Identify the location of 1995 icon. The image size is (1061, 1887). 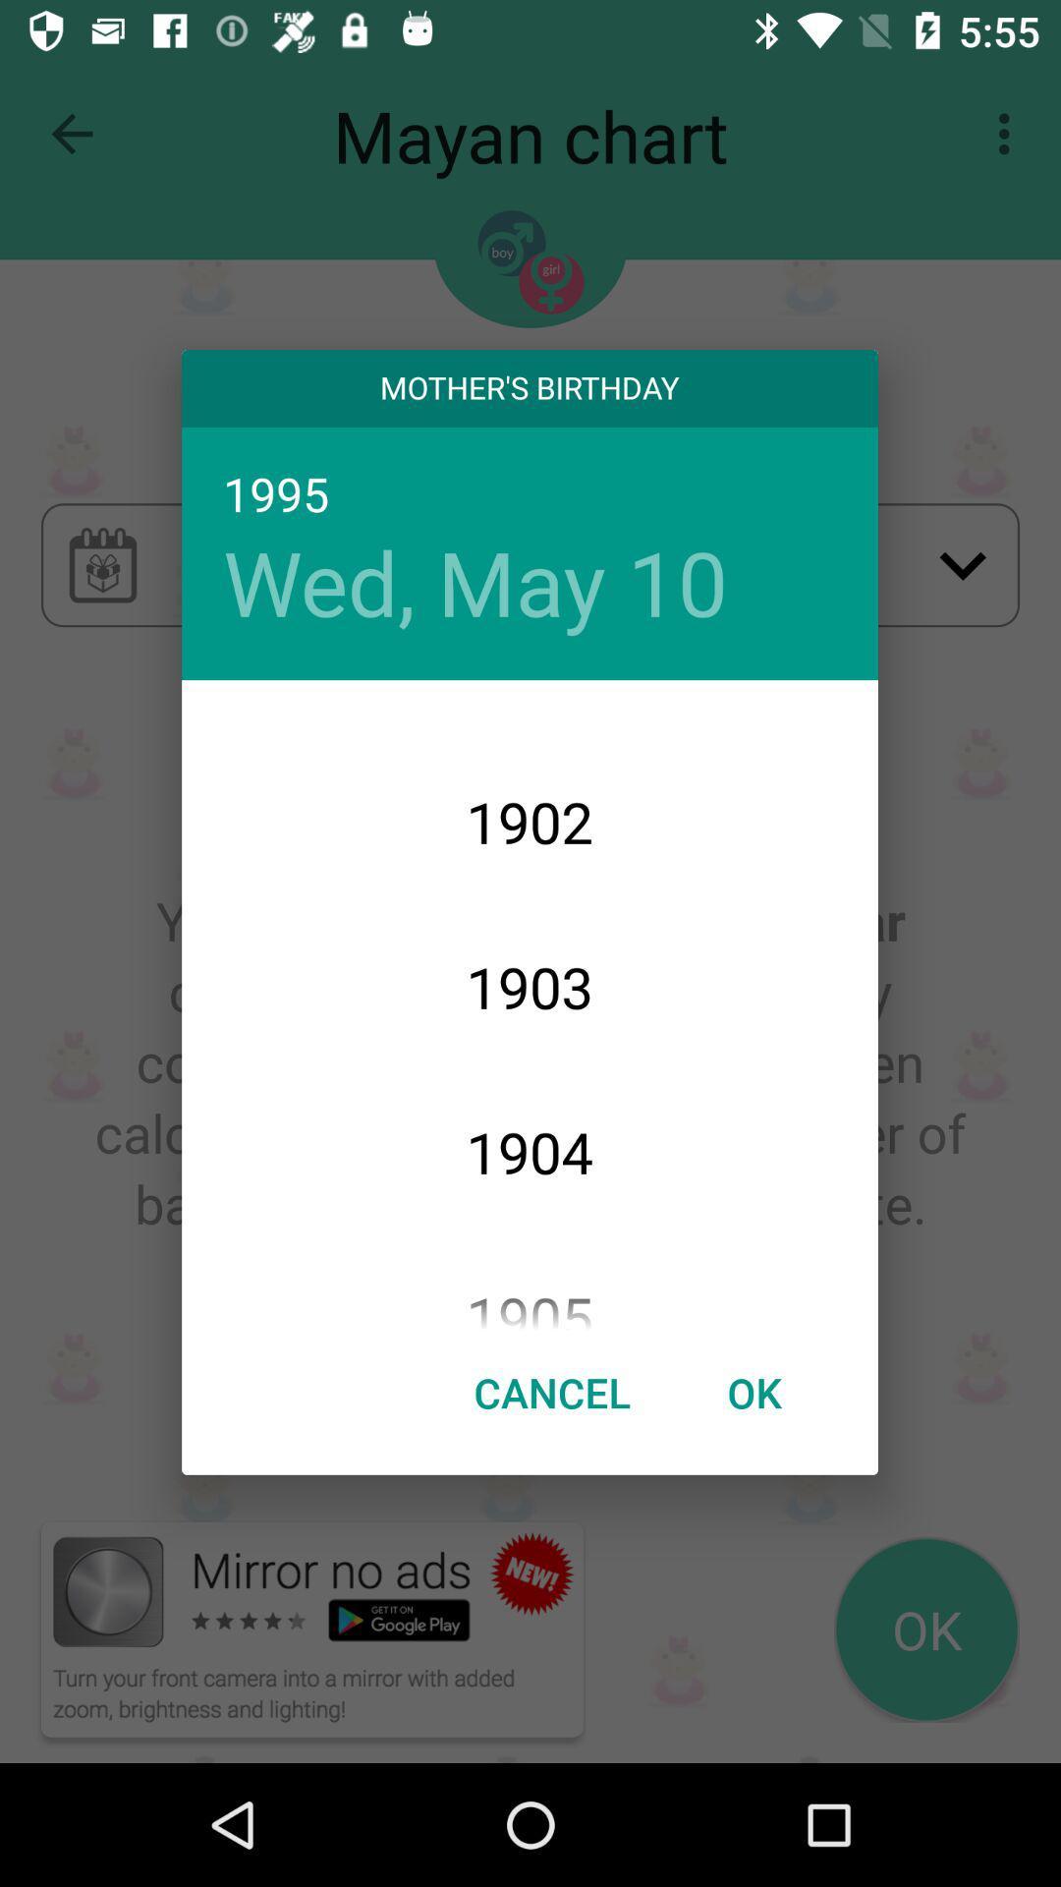
(529, 496).